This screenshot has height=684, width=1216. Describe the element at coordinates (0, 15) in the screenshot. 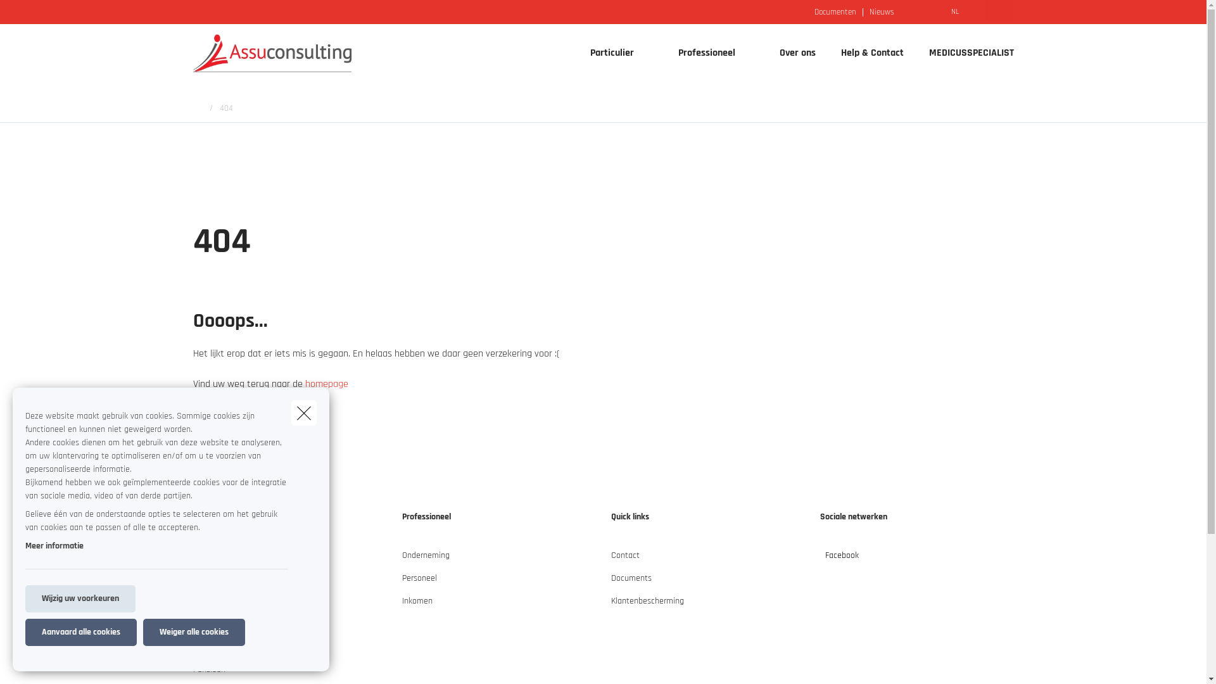

I see `'Zoeken'` at that location.